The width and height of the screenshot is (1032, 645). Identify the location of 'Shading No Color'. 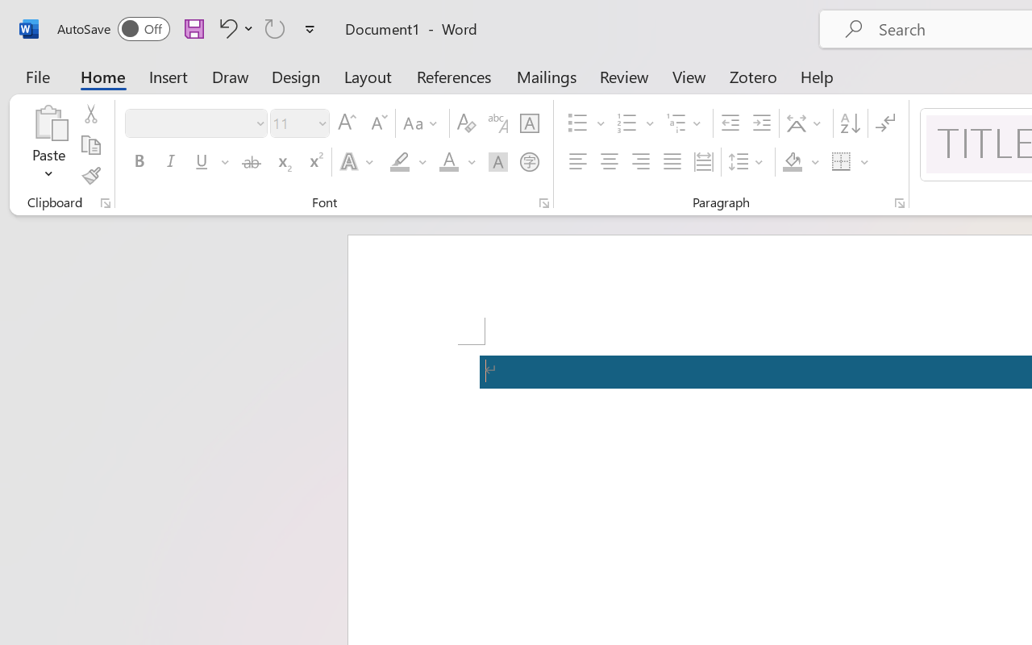
(793, 162).